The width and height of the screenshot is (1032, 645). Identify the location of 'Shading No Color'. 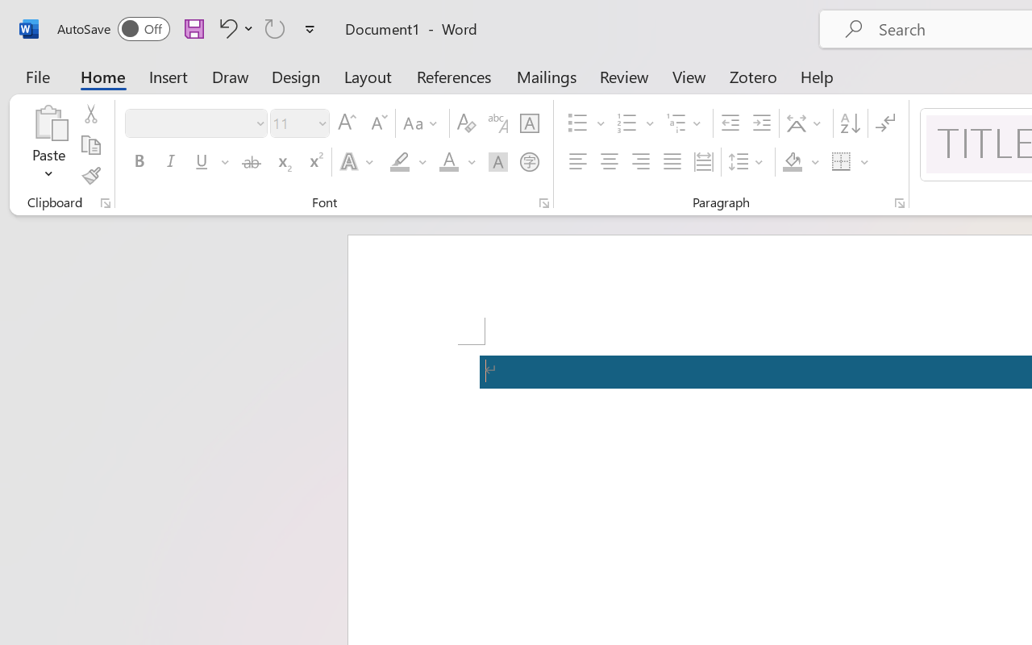
(793, 162).